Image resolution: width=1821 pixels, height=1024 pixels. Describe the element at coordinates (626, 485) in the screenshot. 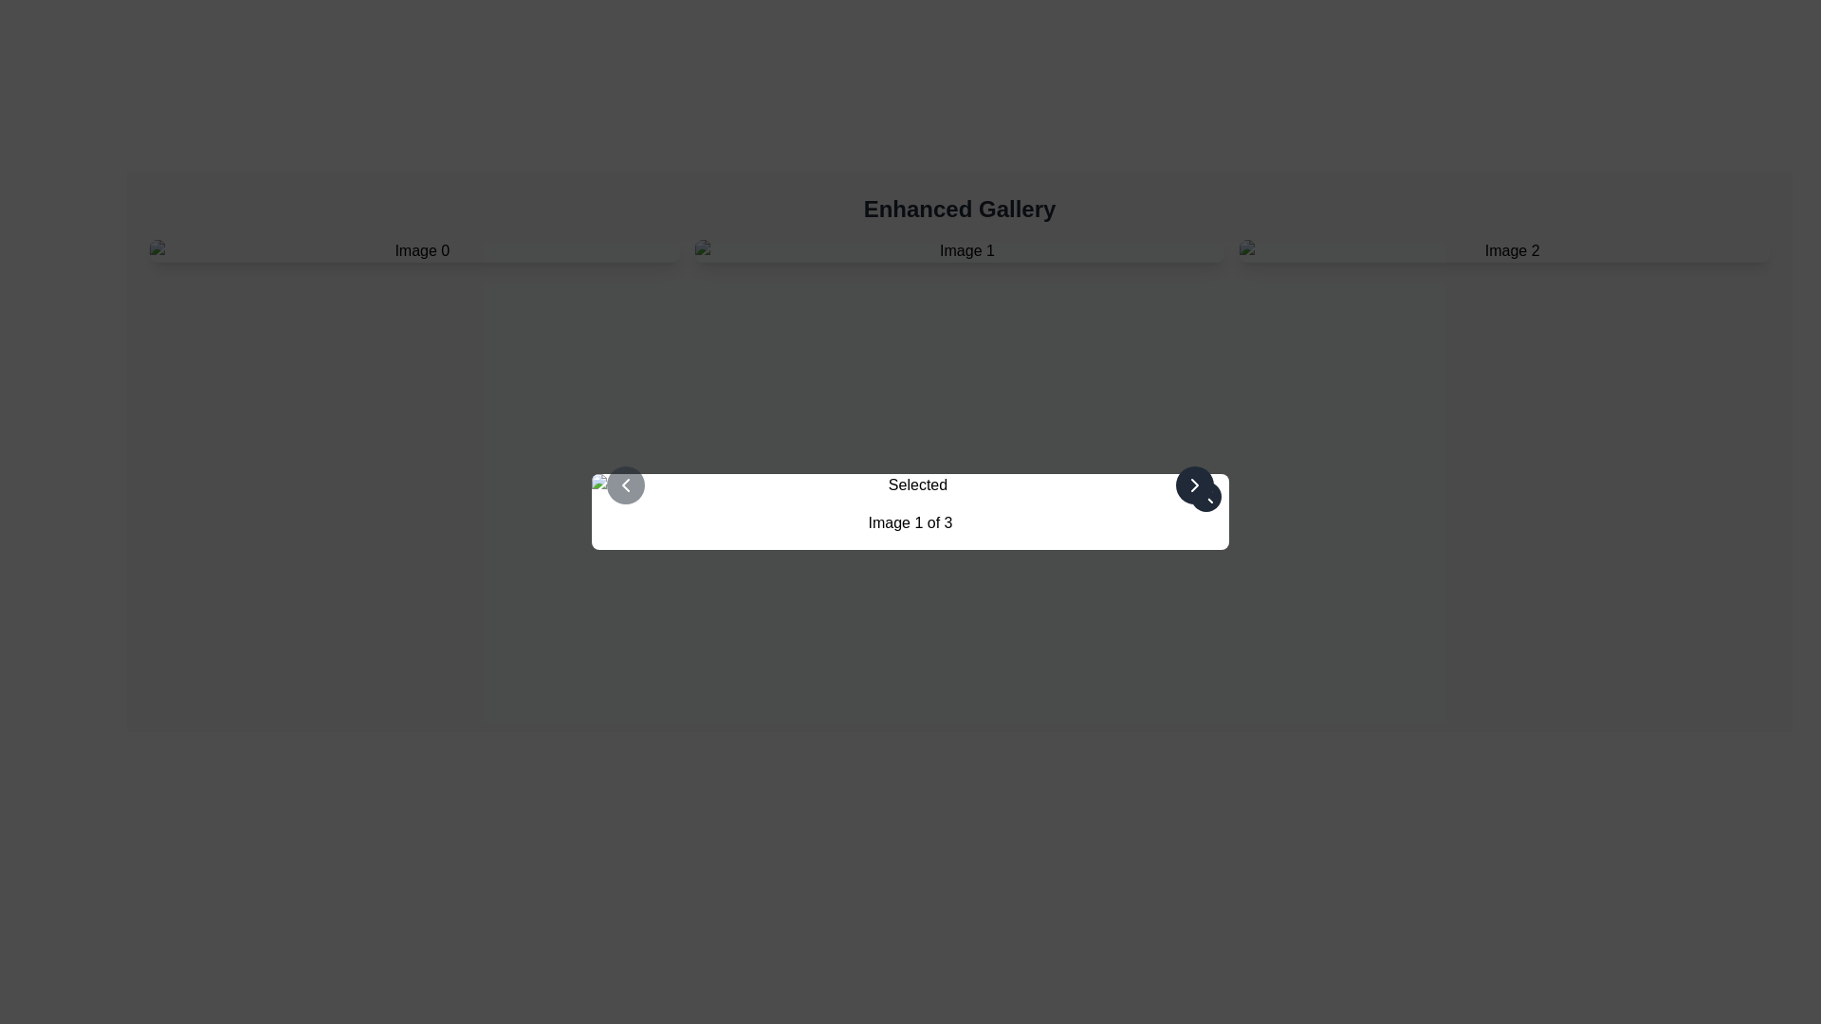

I see `the left-pointing chevron icon located at the center of the circular button in the bottom-left corner of the modal interface` at that location.